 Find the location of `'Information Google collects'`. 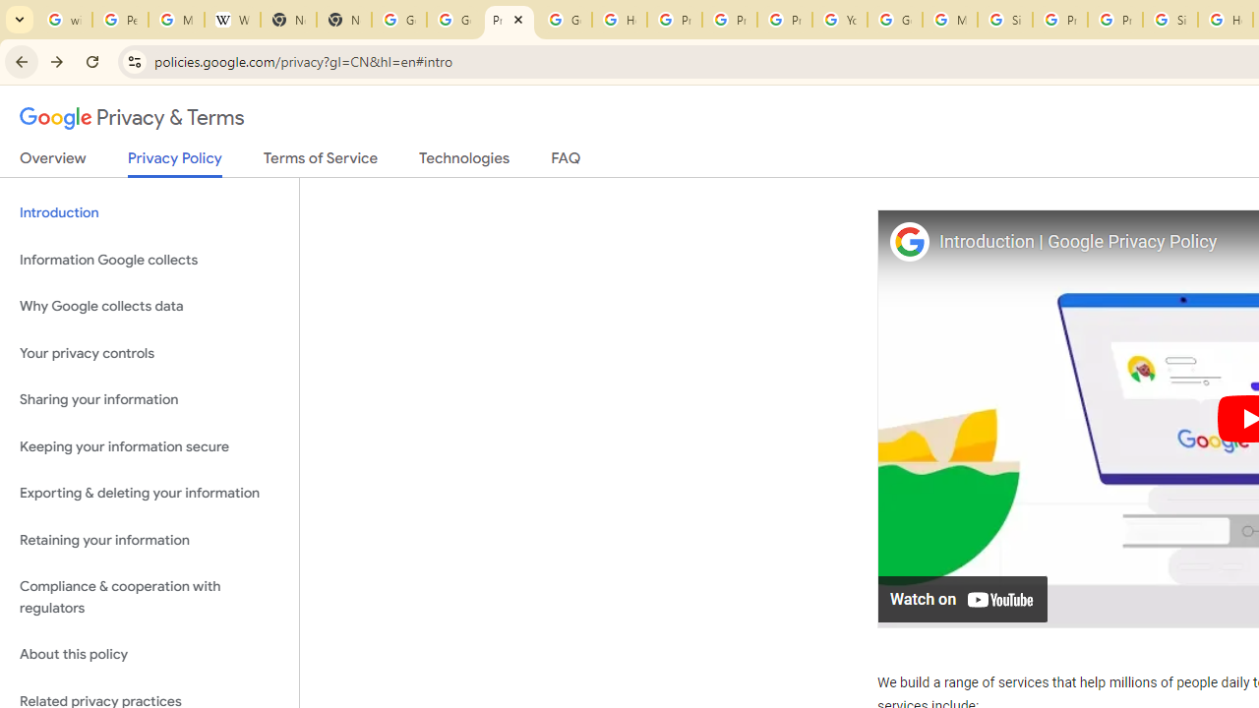

'Information Google collects' is located at coordinates (149, 259).